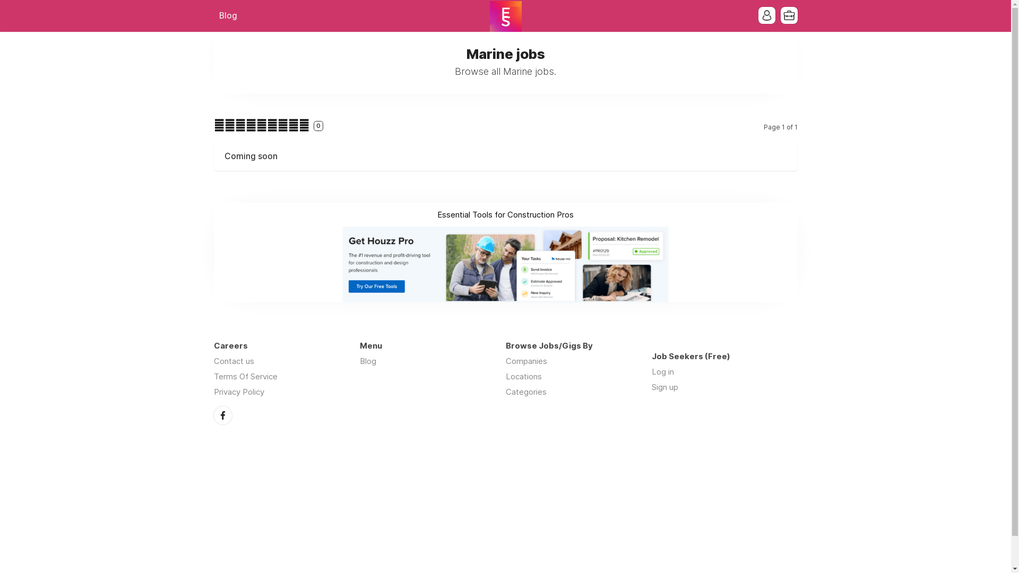 This screenshot has height=573, width=1019. I want to click on 'Sign up', so click(664, 387).